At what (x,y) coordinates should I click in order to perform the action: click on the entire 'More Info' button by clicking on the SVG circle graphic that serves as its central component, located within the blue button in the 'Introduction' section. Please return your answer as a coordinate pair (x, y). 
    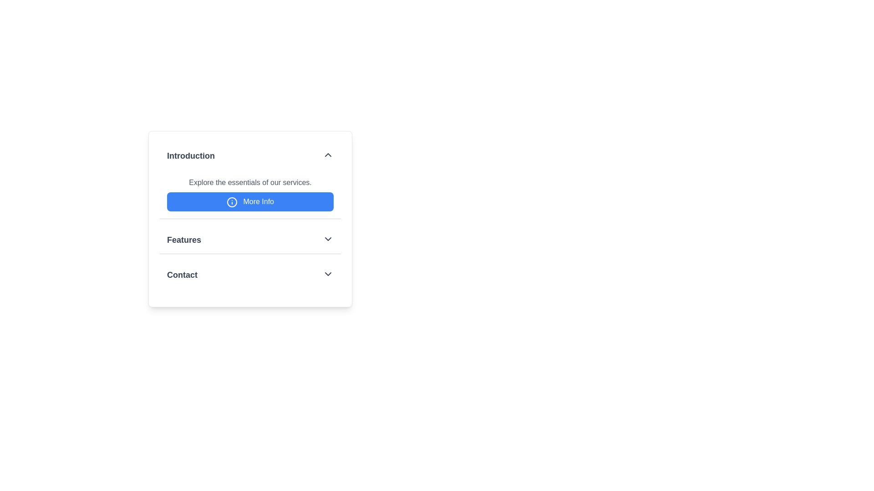
    Looking at the image, I should click on (232, 201).